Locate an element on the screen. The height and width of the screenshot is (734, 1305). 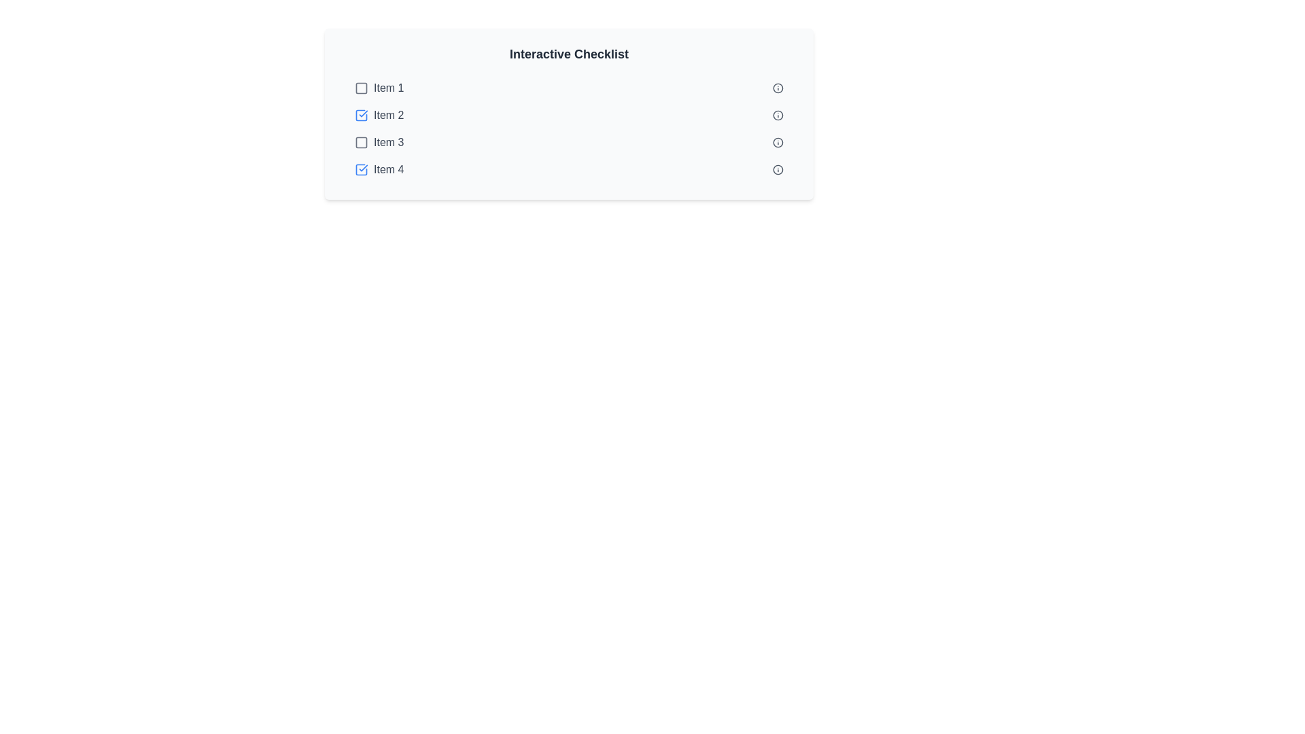
the information icon for task 2 is located at coordinates (778, 114).